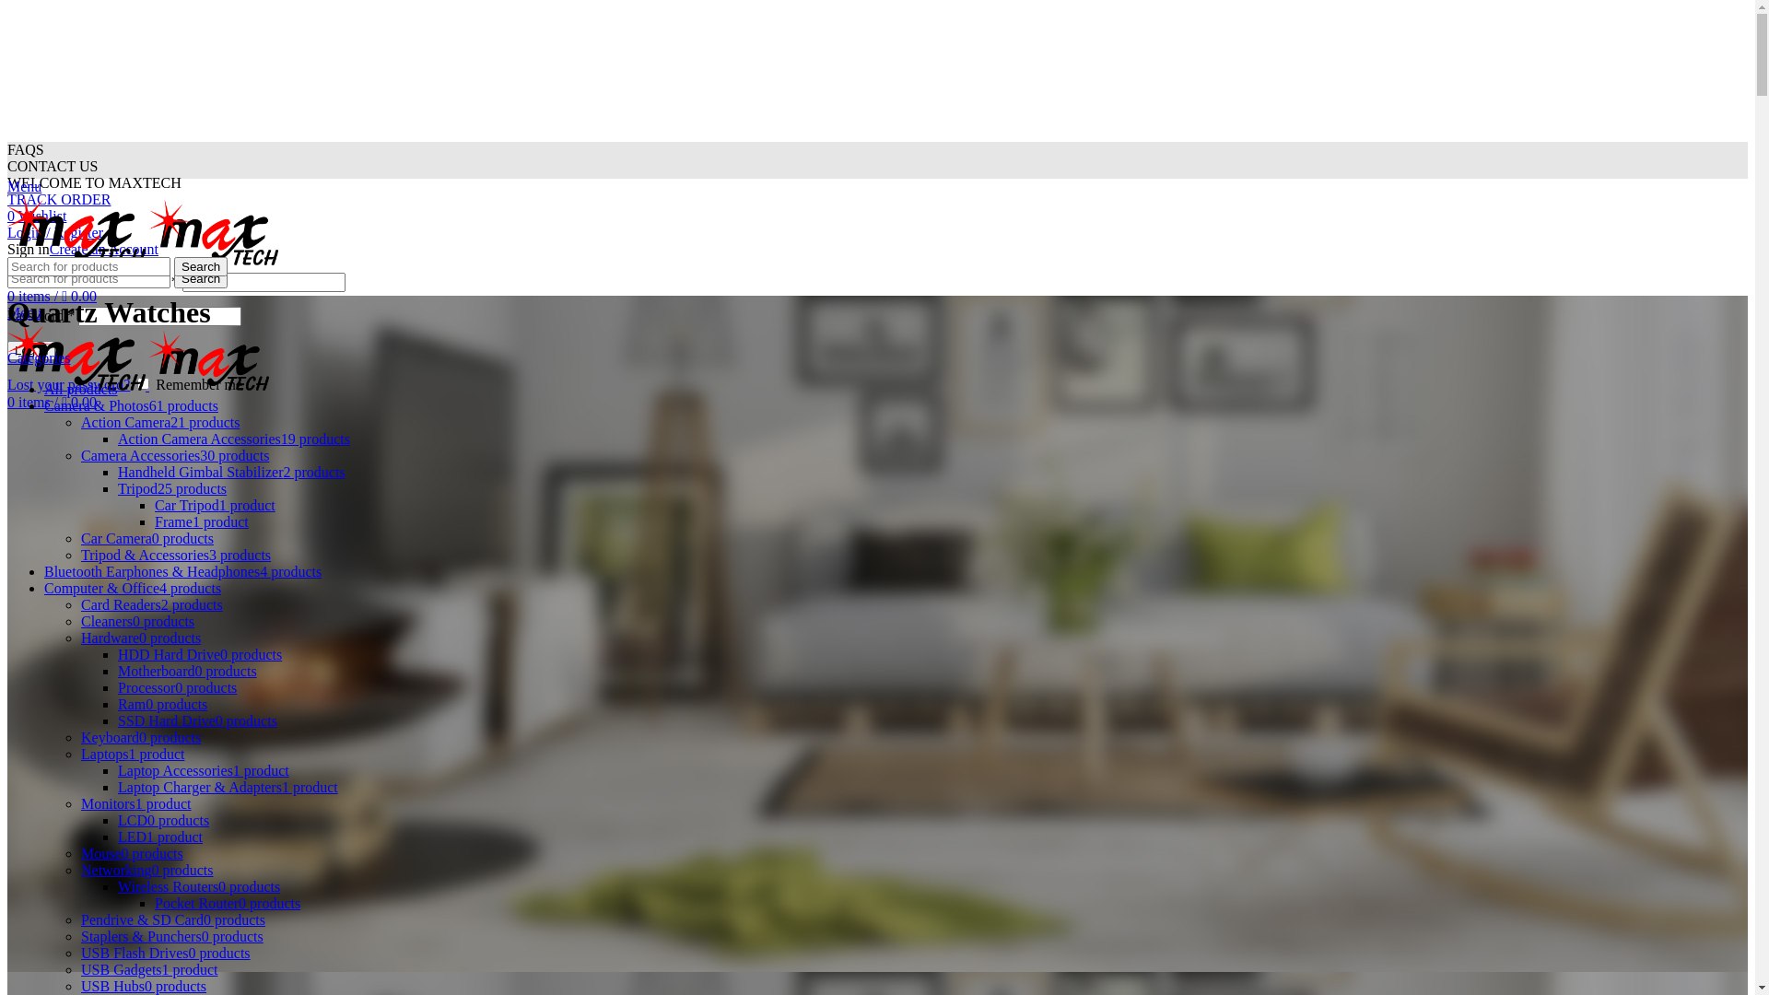 The image size is (1769, 995). What do you see at coordinates (131, 853) in the screenshot?
I see `'Mouse0 products'` at bounding box center [131, 853].